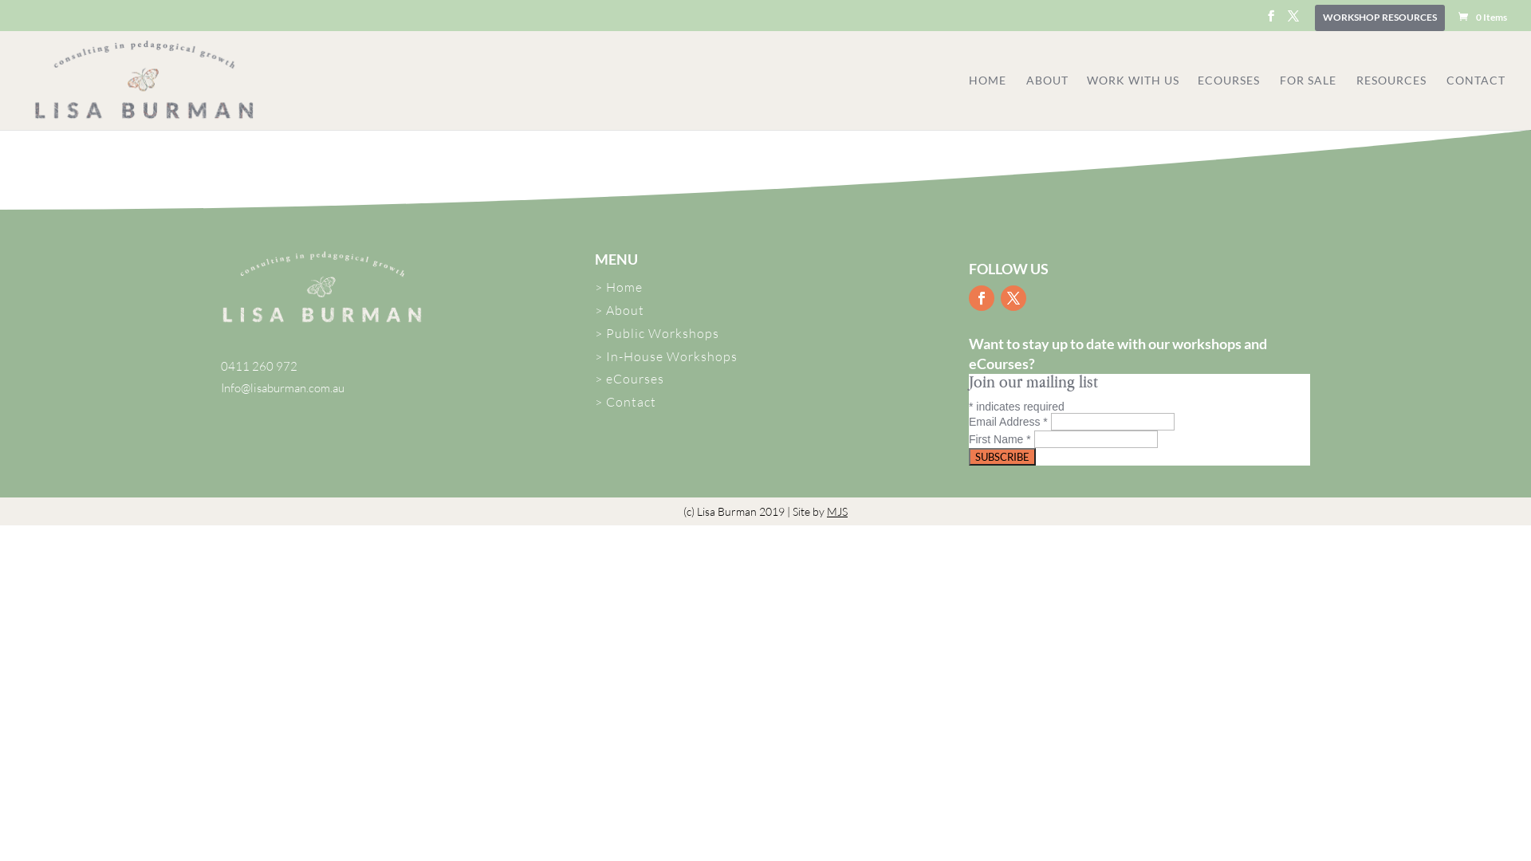 The height and width of the screenshot is (861, 1531). Describe the element at coordinates (986, 102) in the screenshot. I see `'HOME'` at that location.